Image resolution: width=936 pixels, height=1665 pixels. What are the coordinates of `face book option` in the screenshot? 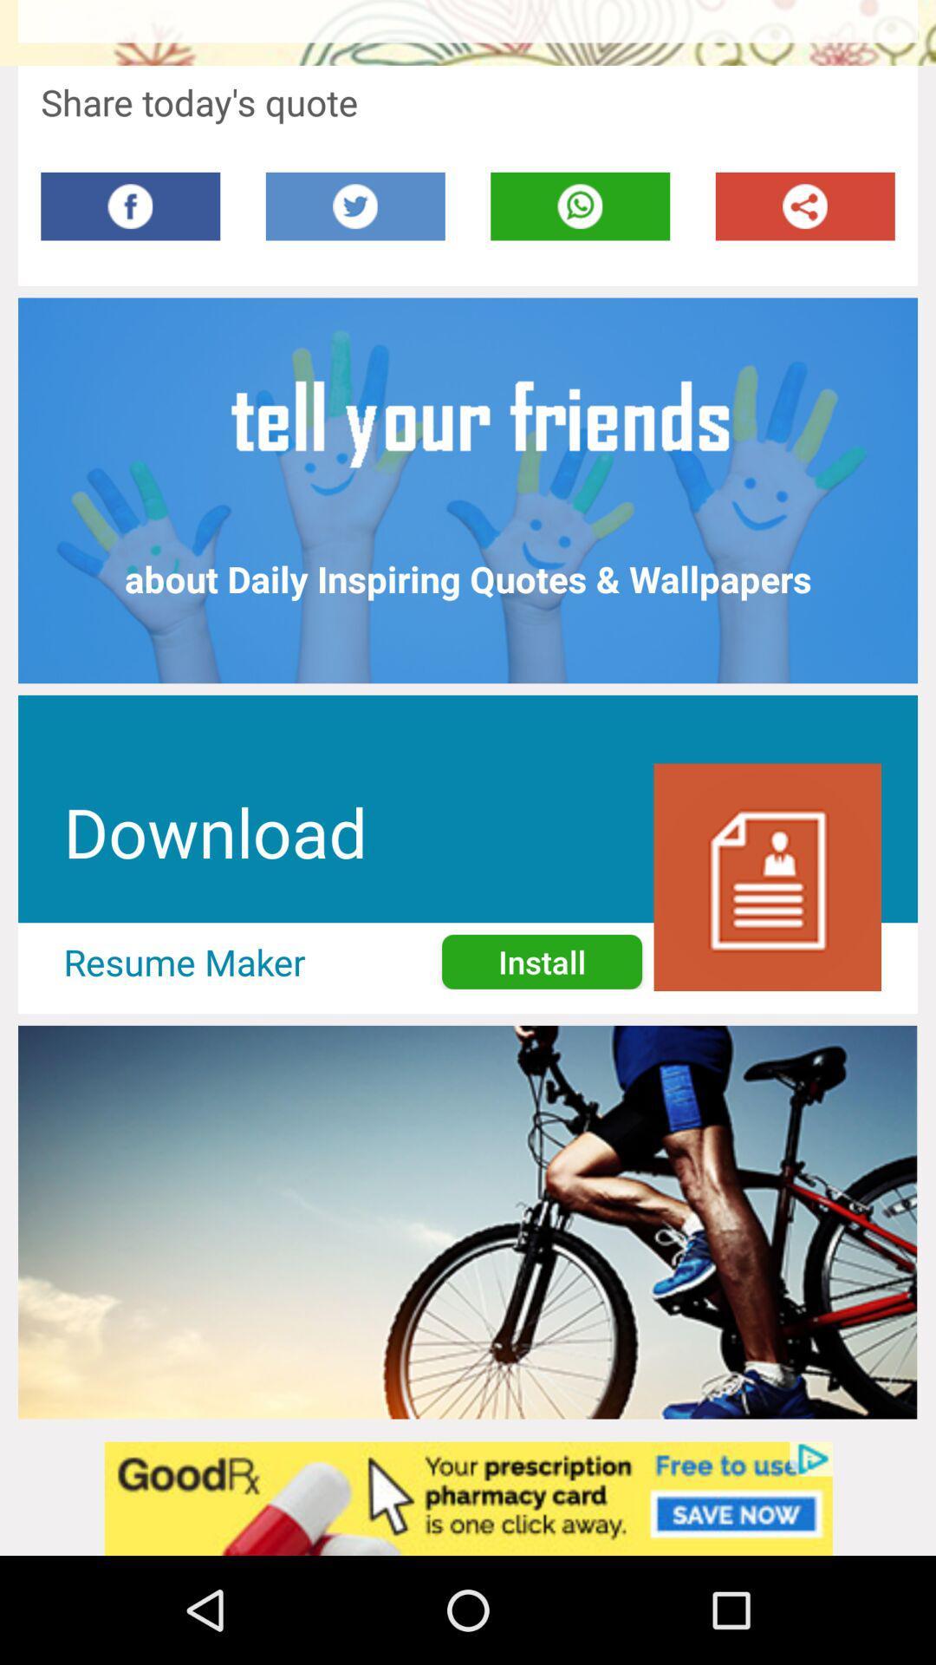 It's located at (129, 206).